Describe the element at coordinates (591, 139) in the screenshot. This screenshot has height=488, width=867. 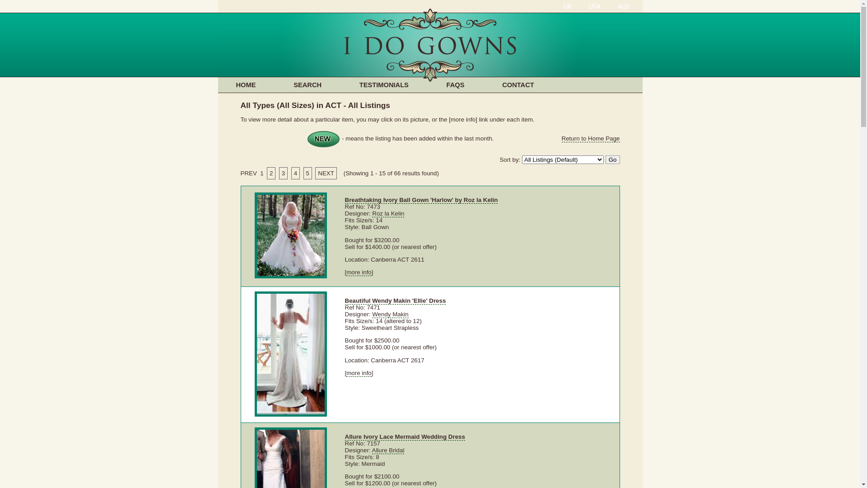
I see `'Return to Home Page'` at that location.